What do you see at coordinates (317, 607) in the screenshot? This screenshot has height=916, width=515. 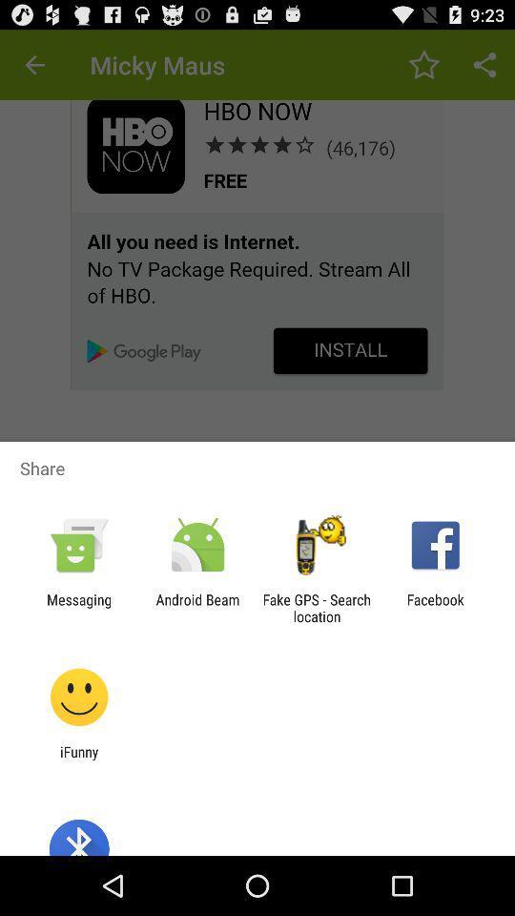 I see `app next to the android beam` at bounding box center [317, 607].